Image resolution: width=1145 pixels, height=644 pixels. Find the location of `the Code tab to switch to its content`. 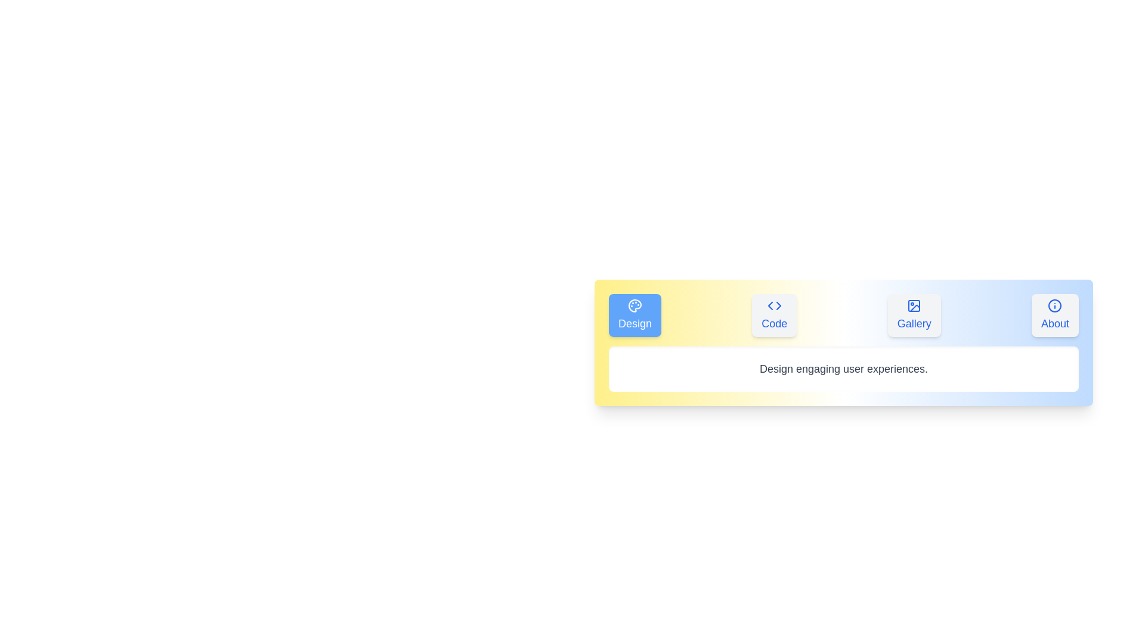

the Code tab to switch to its content is located at coordinates (773, 314).